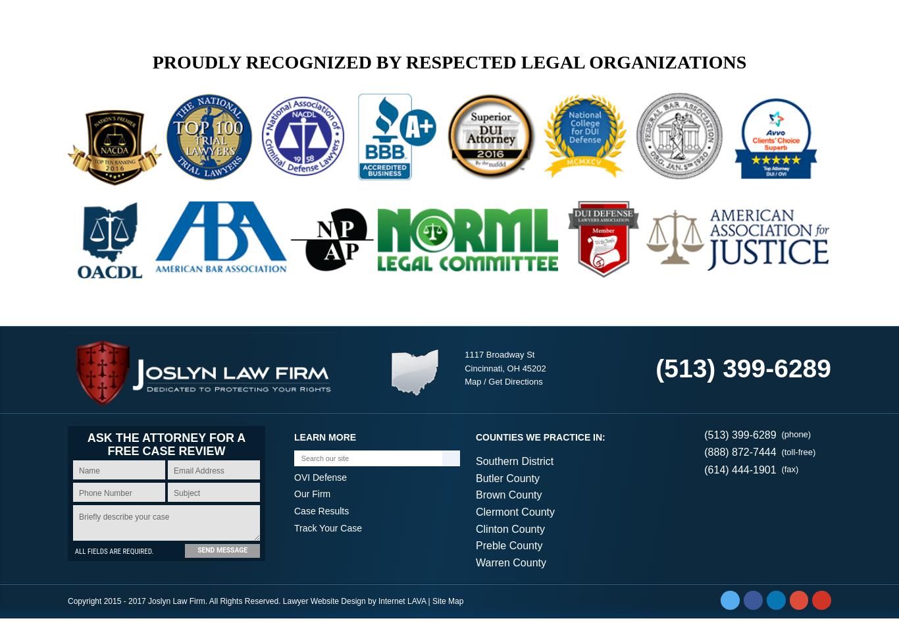 Image resolution: width=899 pixels, height=625 pixels. Describe the element at coordinates (447, 607) in the screenshot. I see `'Site Map'` at that location.